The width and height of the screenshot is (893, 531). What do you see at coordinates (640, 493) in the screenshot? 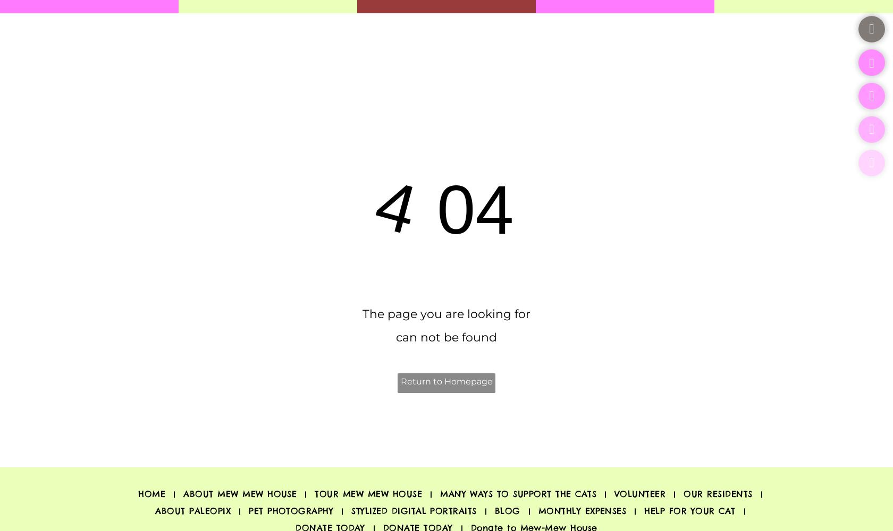
I see `'VOLUNTEER'` at bounding box center [640, 493].